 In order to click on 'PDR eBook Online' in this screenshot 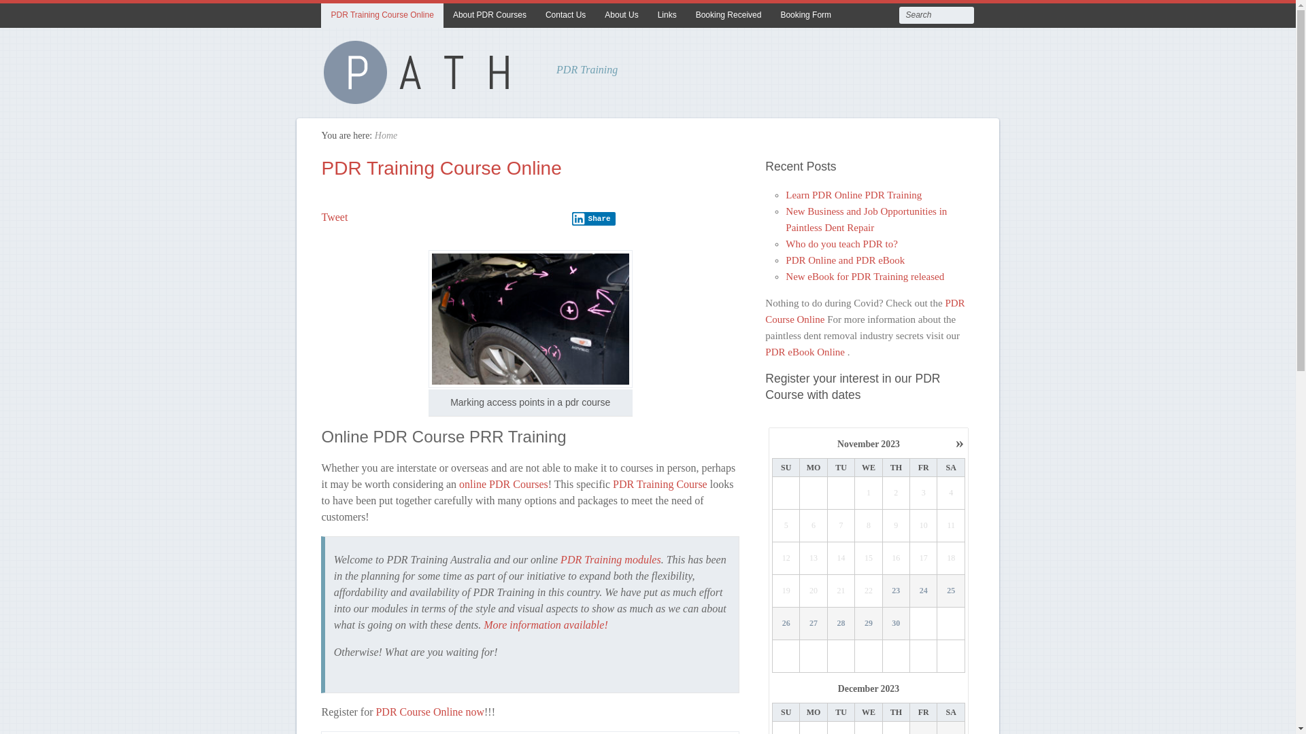, I will do `click(806, 351)`.